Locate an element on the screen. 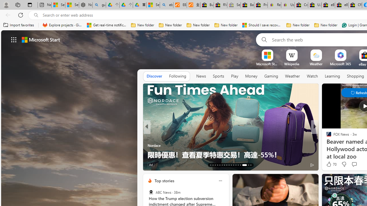  'Class: icon-img' is located at coordinates (220, 181).